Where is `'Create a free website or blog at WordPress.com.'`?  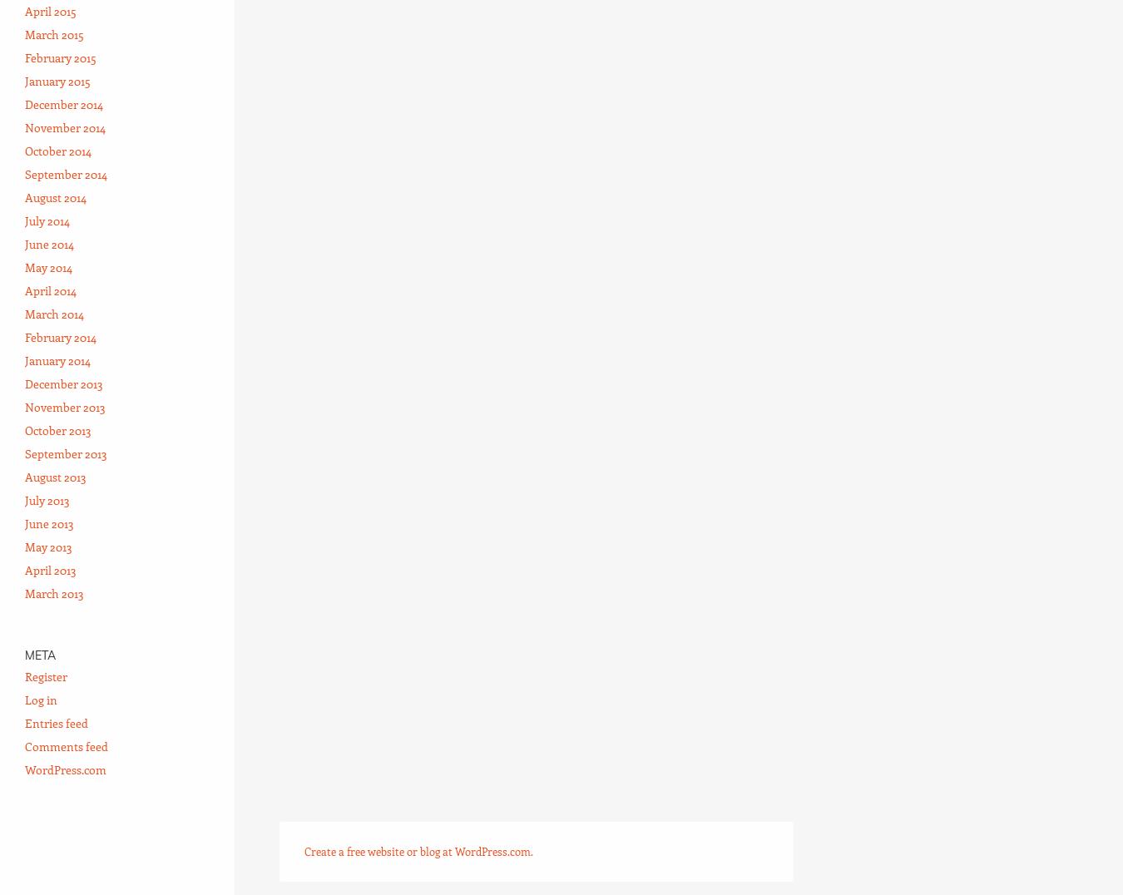 'Create a free website or blog at WordPress.com.' is located at coordinates (418, 849).